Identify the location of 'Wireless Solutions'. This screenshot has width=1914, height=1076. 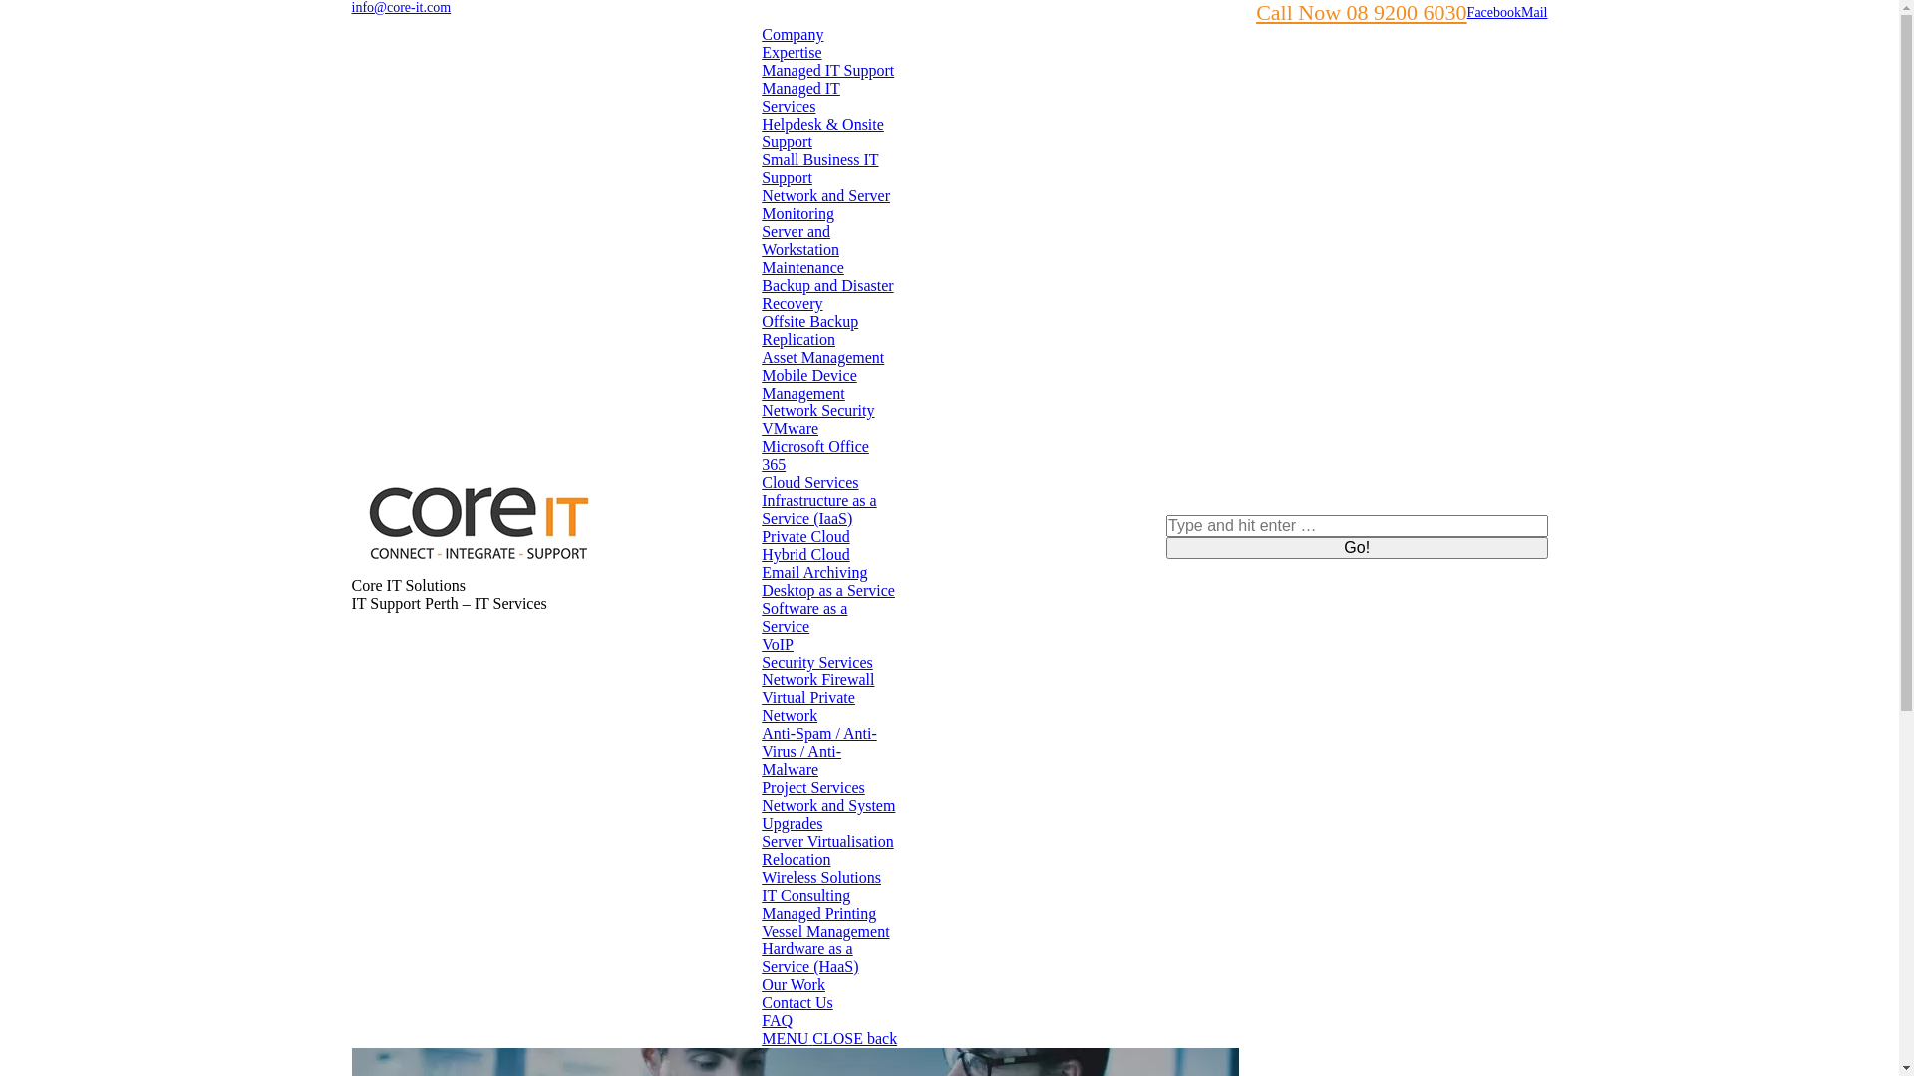
(760, 876).